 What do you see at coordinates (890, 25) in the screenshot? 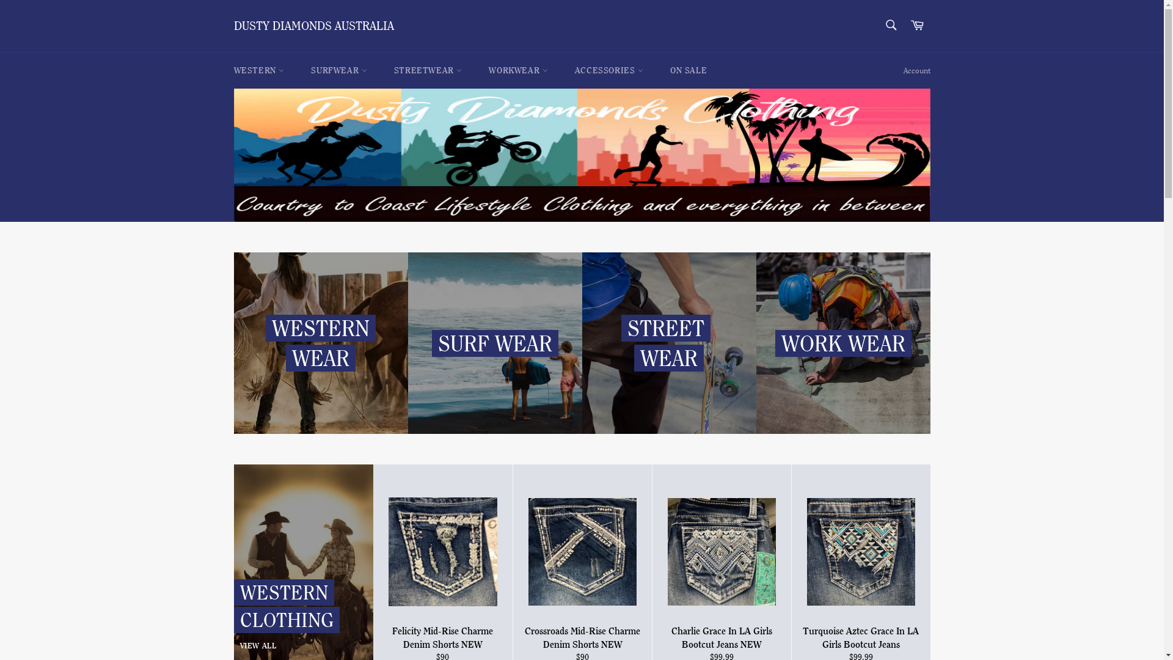
I see `'Search'` at bounding box center [890, 25].